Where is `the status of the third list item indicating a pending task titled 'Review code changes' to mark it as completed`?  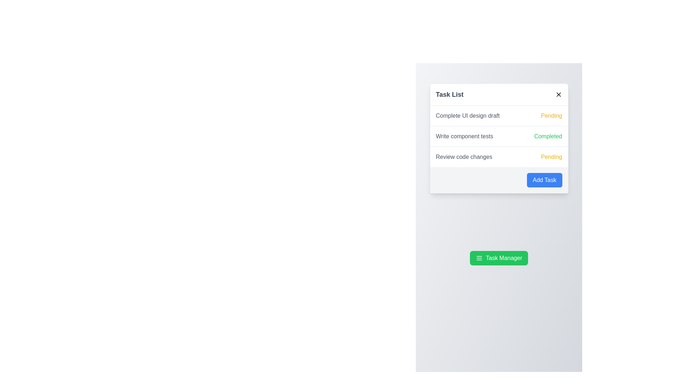
the status of the third list item indicating a pending task titled 'Review code changes' to mark it as completed is located at coordinates (498, 156).